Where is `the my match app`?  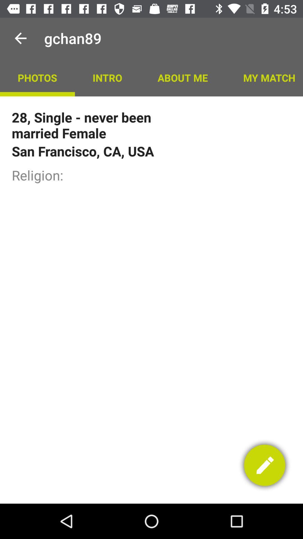 the my match app is located at coordinates (264, 77).